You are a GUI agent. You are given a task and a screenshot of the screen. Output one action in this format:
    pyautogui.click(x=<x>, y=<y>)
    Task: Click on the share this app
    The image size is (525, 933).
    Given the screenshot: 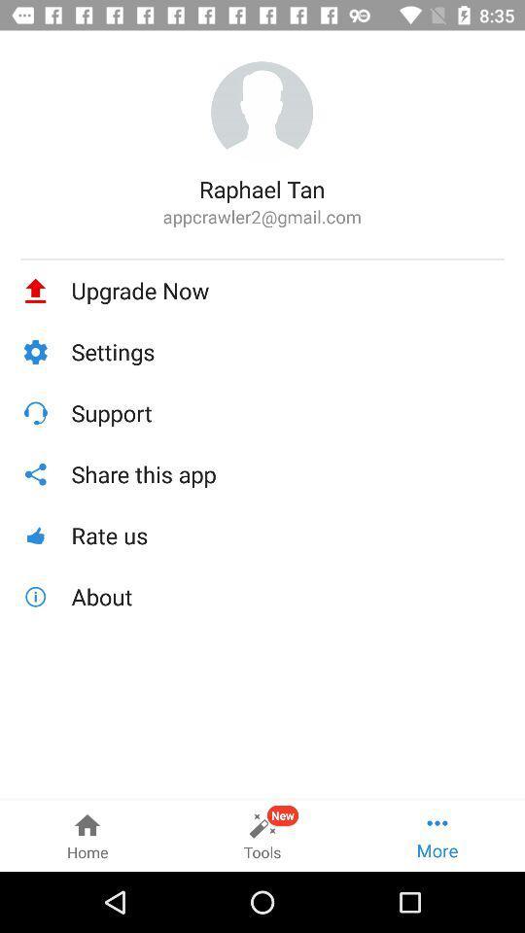 What is the action you would take?
    pyautogui.click(x=287, y=473)
    